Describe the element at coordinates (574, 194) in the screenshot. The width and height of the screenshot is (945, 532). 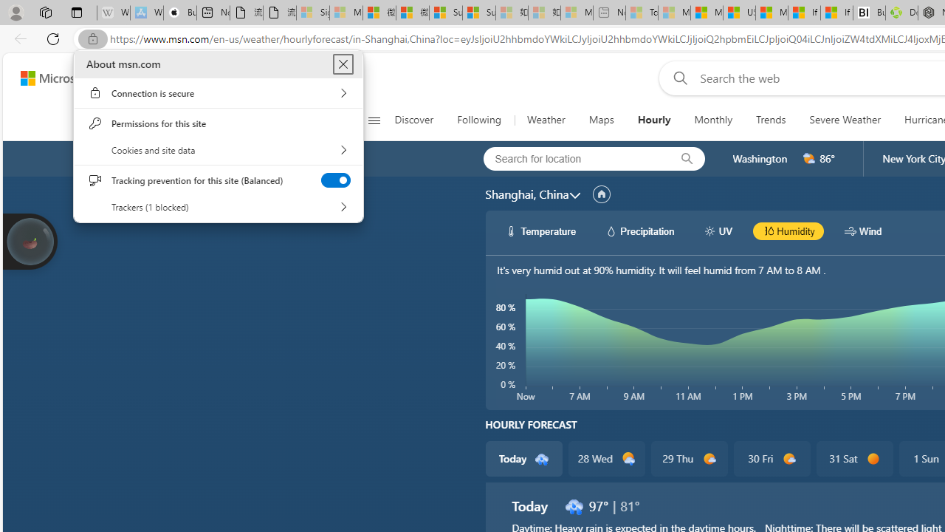
I see `'common/carouselChevron'` at that location.